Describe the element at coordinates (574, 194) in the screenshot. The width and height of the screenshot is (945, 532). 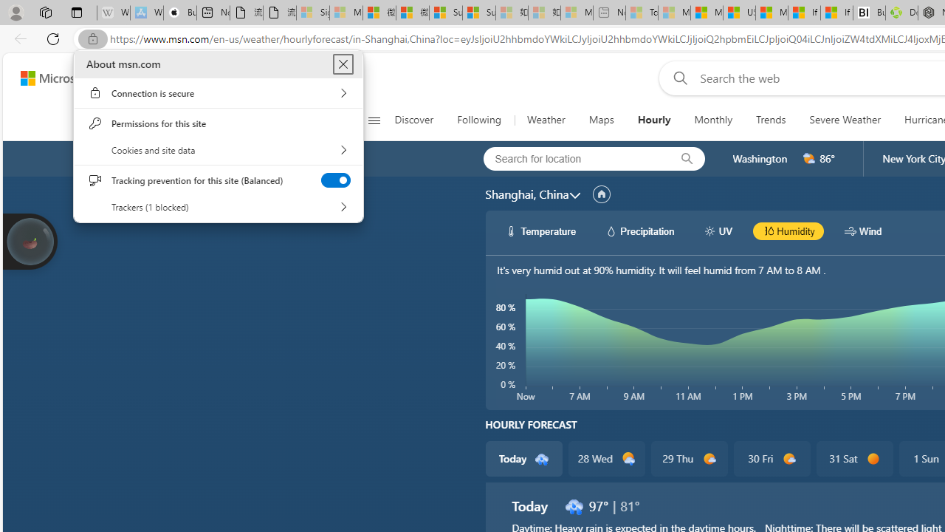
I see `'common/carouselChevron'` at that location.